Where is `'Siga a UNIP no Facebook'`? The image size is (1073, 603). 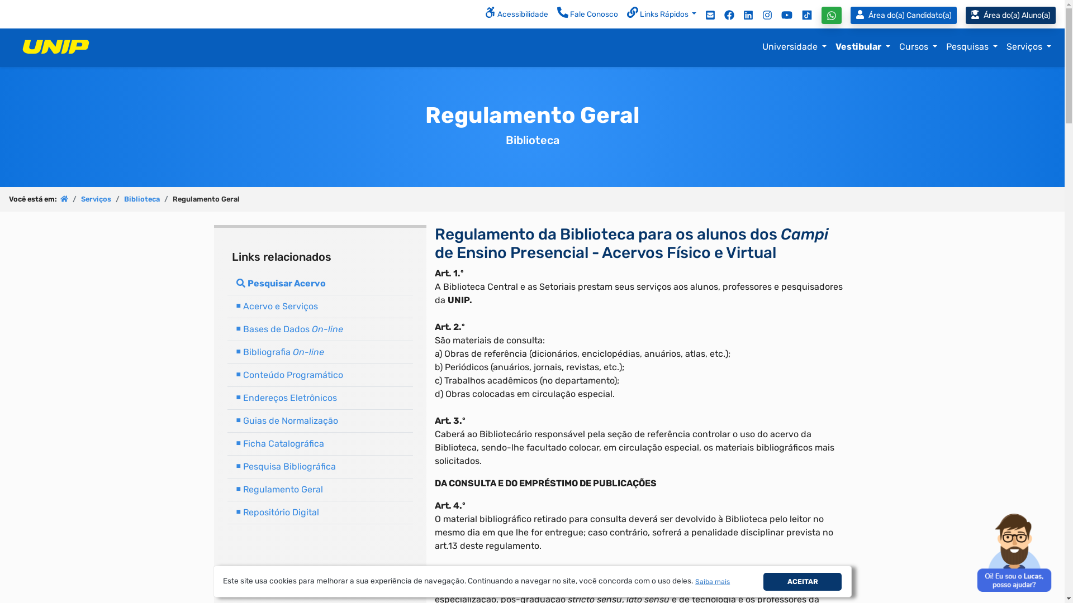
'Siga a UNIP no Facebook' is located at coordinates (729, 15).